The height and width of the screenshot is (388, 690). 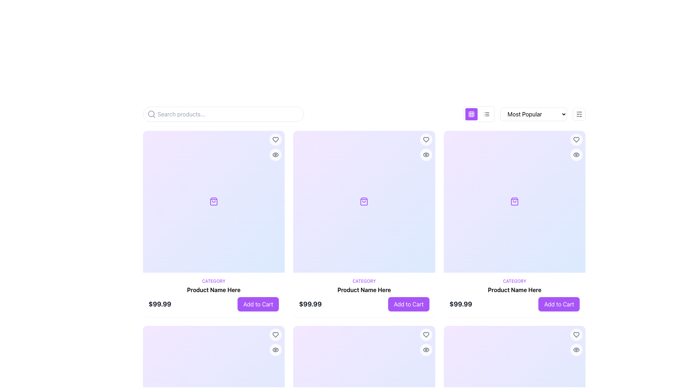 What do you see at coordinates (471, 114) in the screenshot?
I see `the compact rectangular button with a striking purple background and a white grid icon at its center` at bounding box center [471, 114].